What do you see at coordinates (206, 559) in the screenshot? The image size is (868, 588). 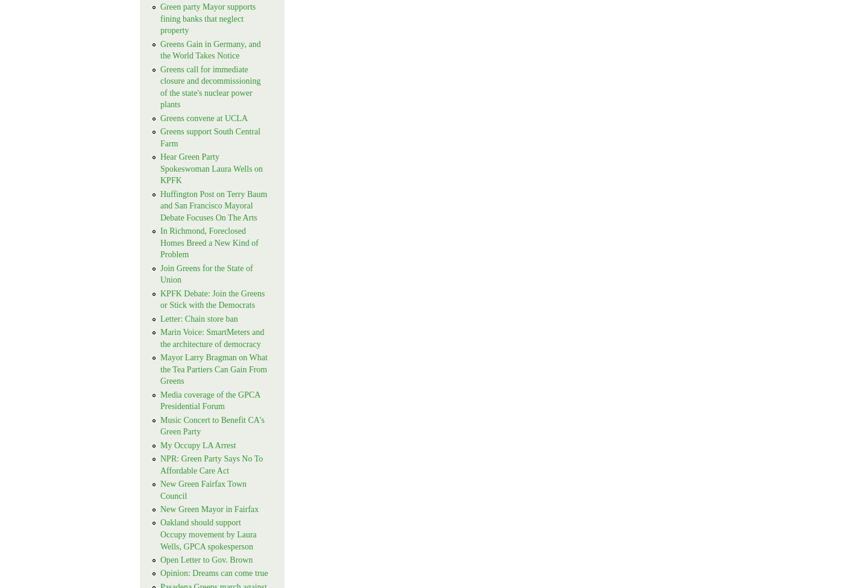 I see `'Open Letter to Gov. Brown'` at bounding box center [206, 559].